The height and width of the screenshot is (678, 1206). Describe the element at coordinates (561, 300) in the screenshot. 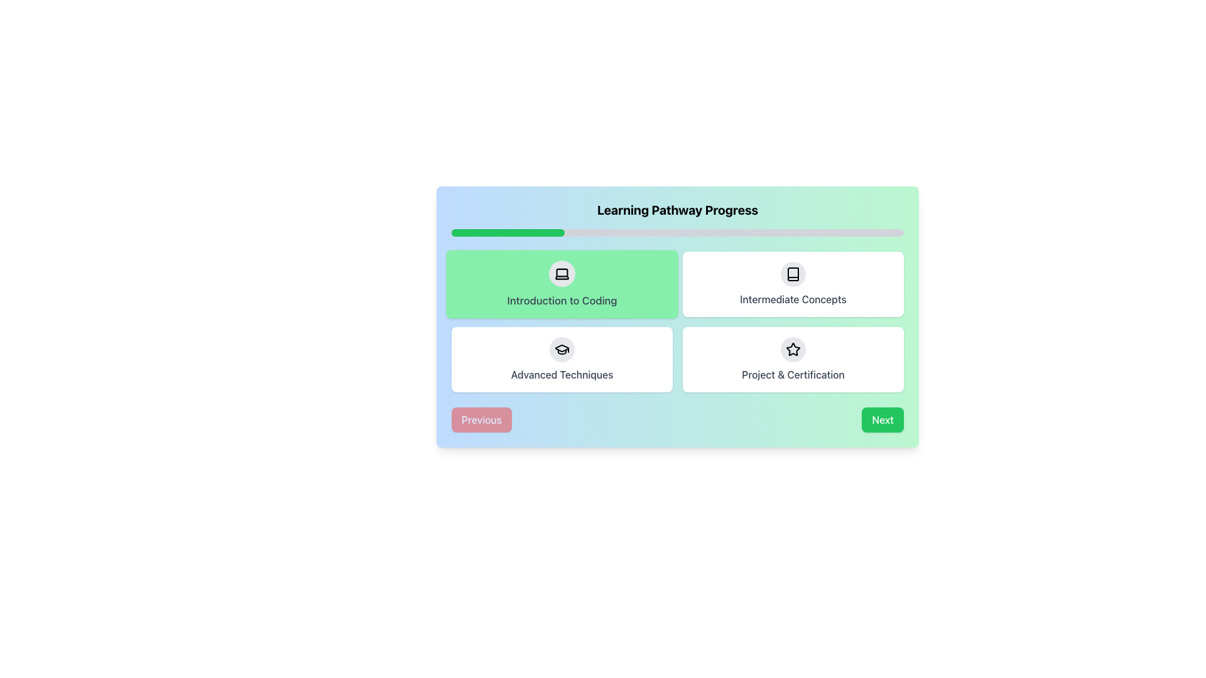

I see `the Text label that displays the title or topic of the associated module, located in the center of the top-left card in a 2x2 grid layout` at that location.